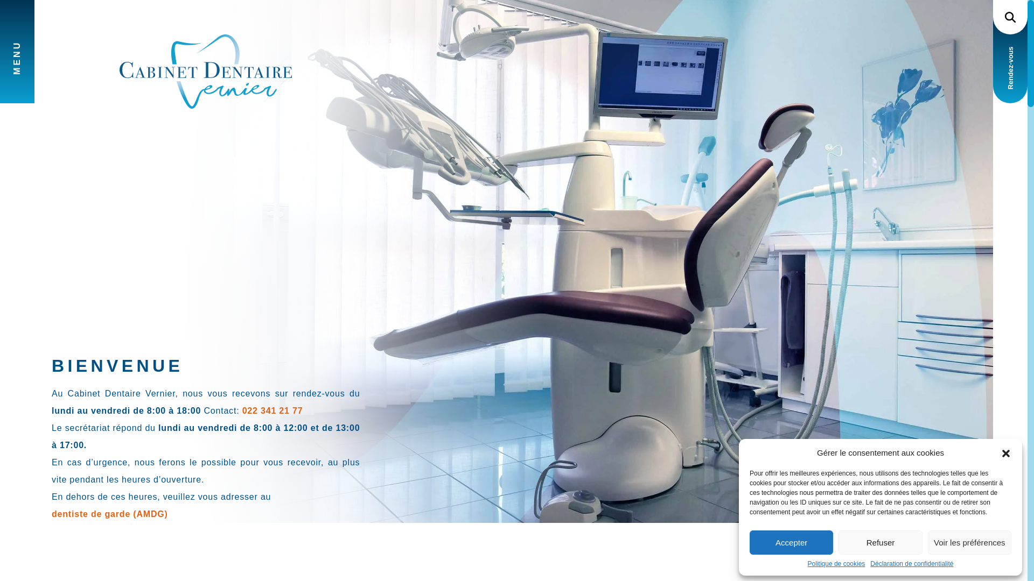  I want to click on '022 341 21 77', so click(242, 411).